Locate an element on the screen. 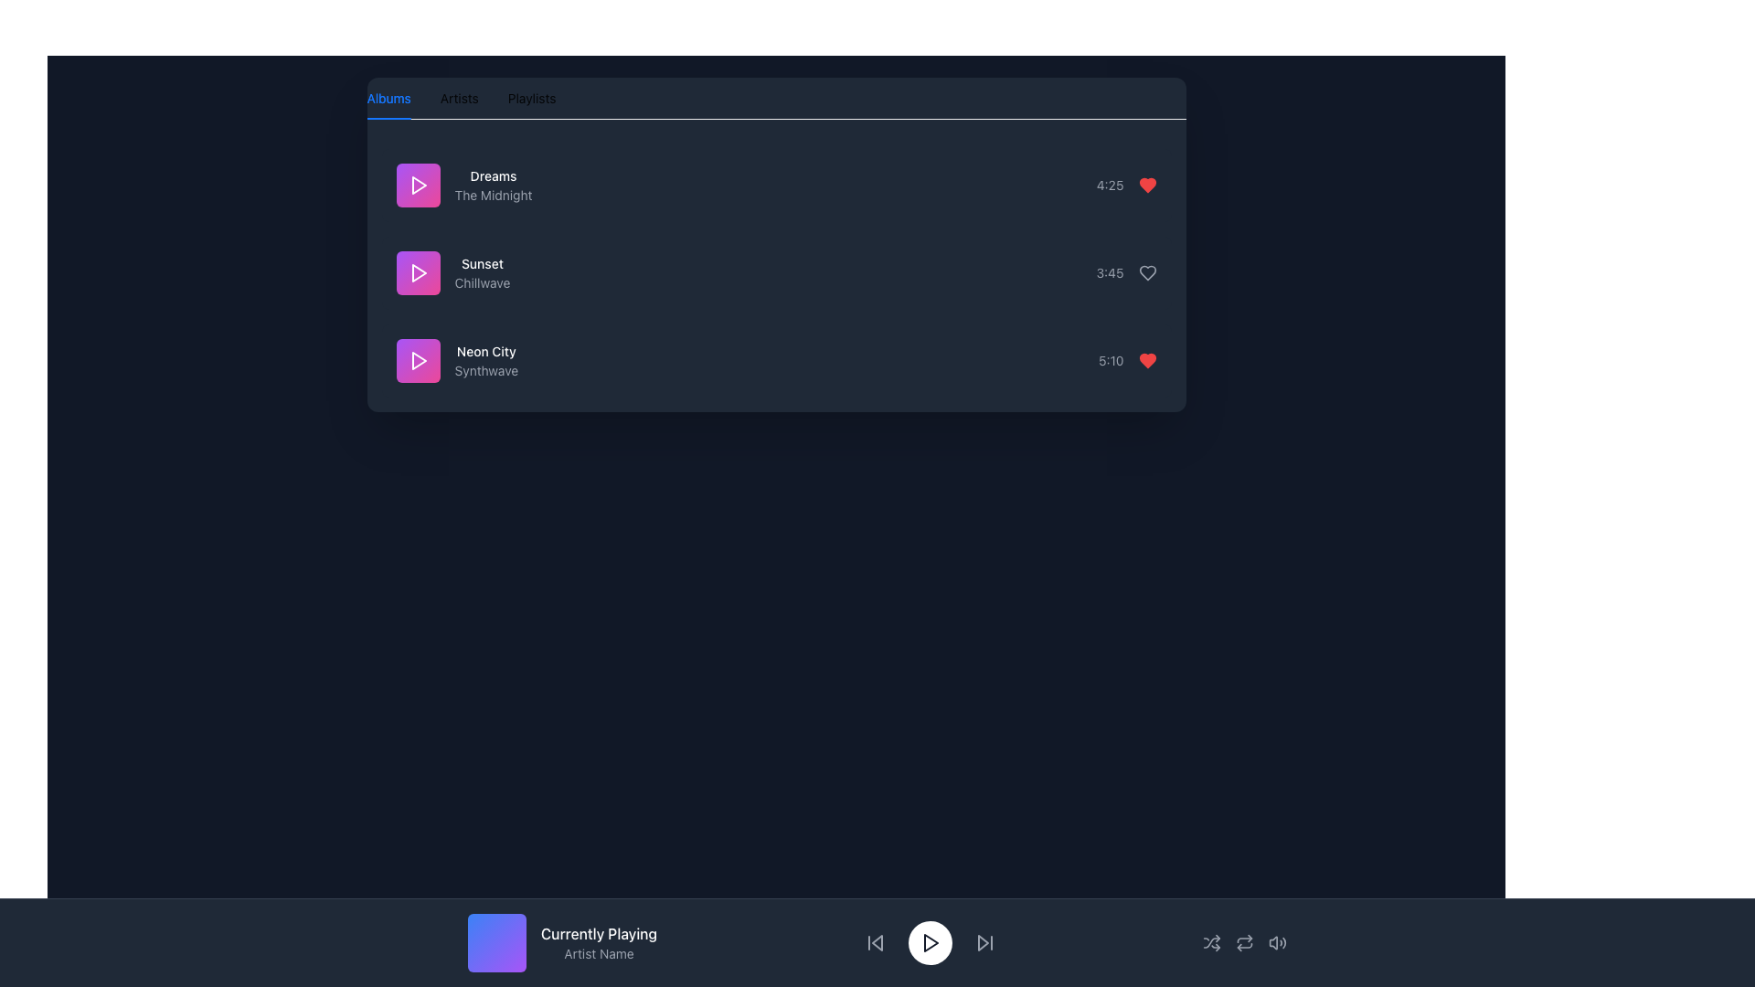 The width and height of the screenshot is (1755, 987). the second heart icon to favorite the music track labeled 'Sunset' is located at coordinates (1146, 273).